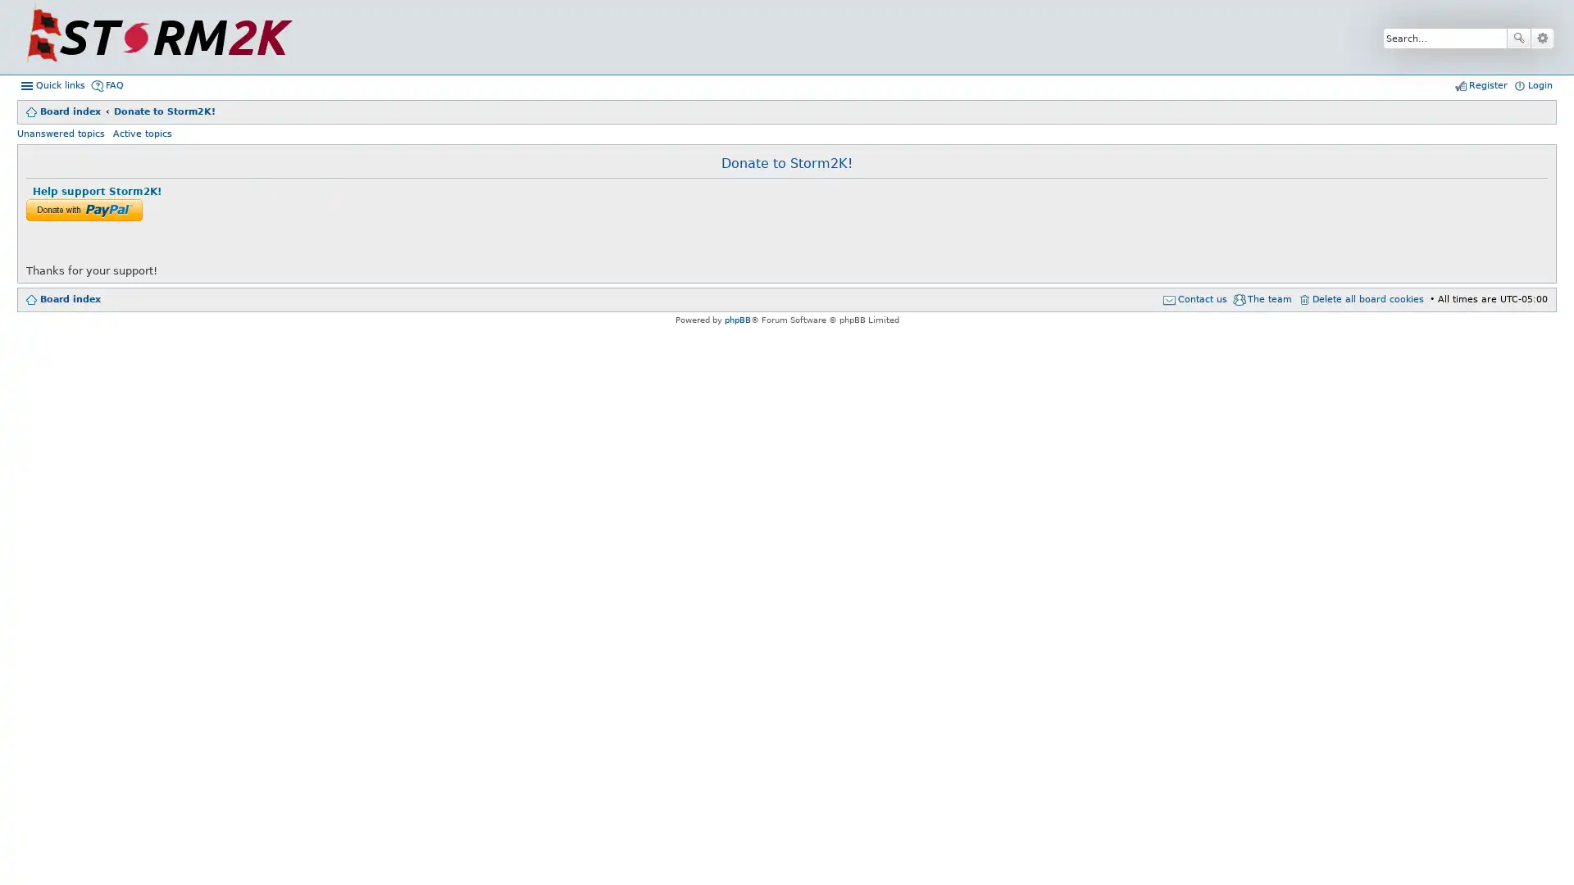  What do you see at coordinates (1517, 37) in the screenshot?
I see `Search` at bounding box center [1517, 37].